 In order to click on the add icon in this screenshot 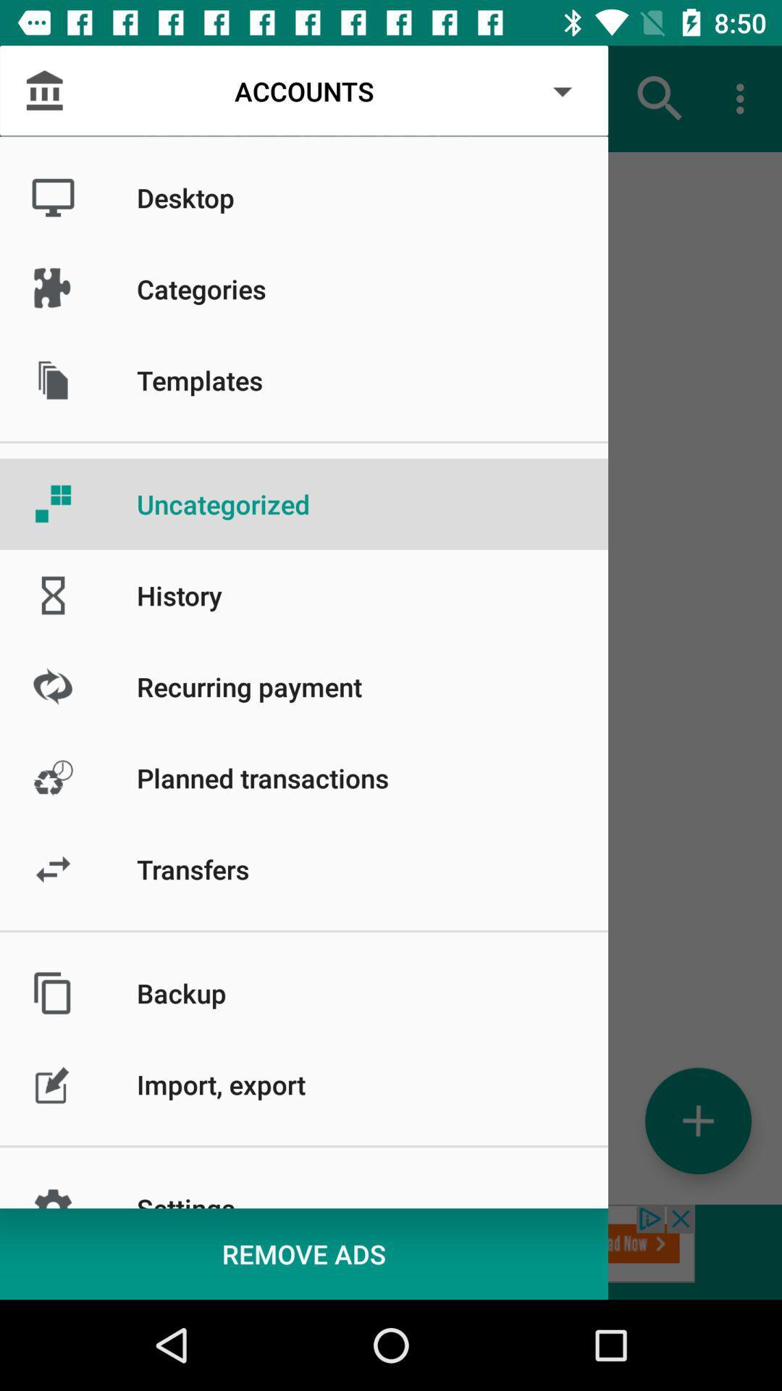, I will do `click(697, 1120)`.